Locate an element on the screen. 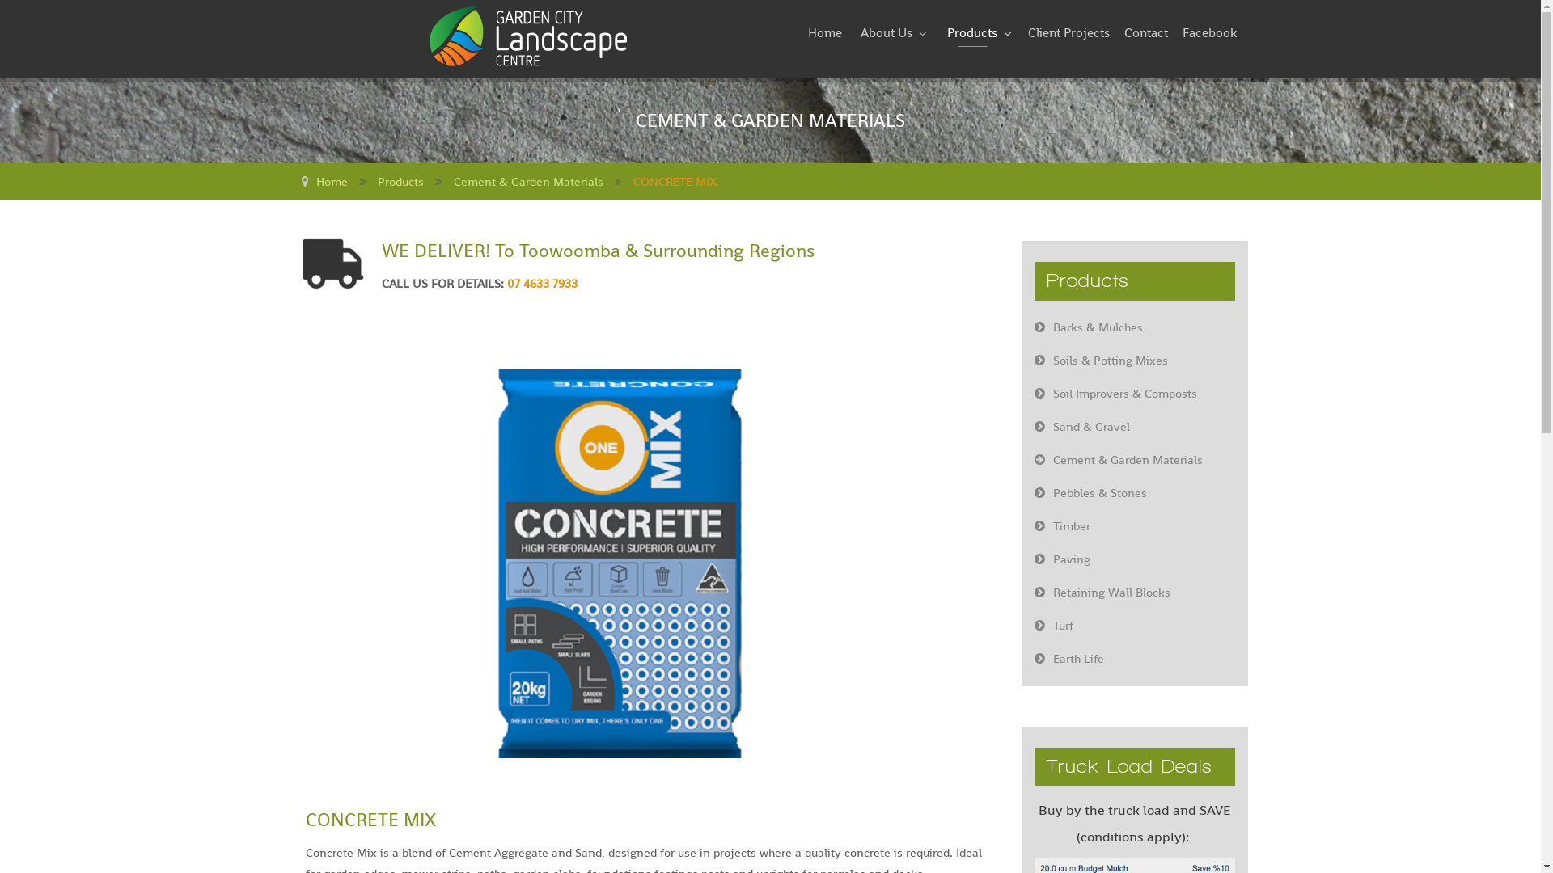 This screenshot has width=1553, height=873. 'About Us' is located at coordinates (891, 33).